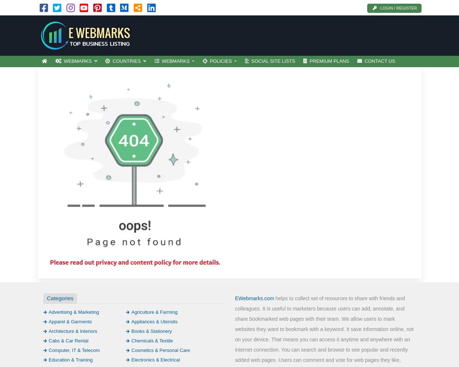 Image resolution: width=459 pixels, height=367 pixels. I want to click on 'Chemicals & Textile', so click(131, 340).